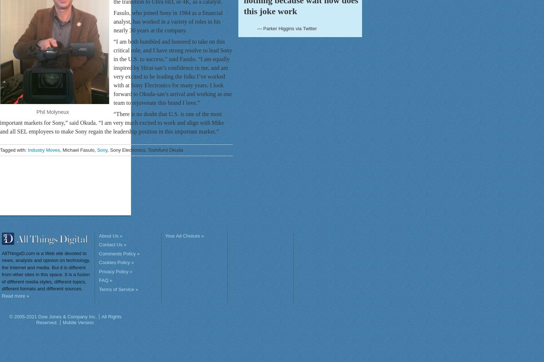 This screenshot has width=544, height=362. What do you see at coordinates (110, 235) in the screenshot?
I see `'About Us »'` at bounding box center [110, 235].